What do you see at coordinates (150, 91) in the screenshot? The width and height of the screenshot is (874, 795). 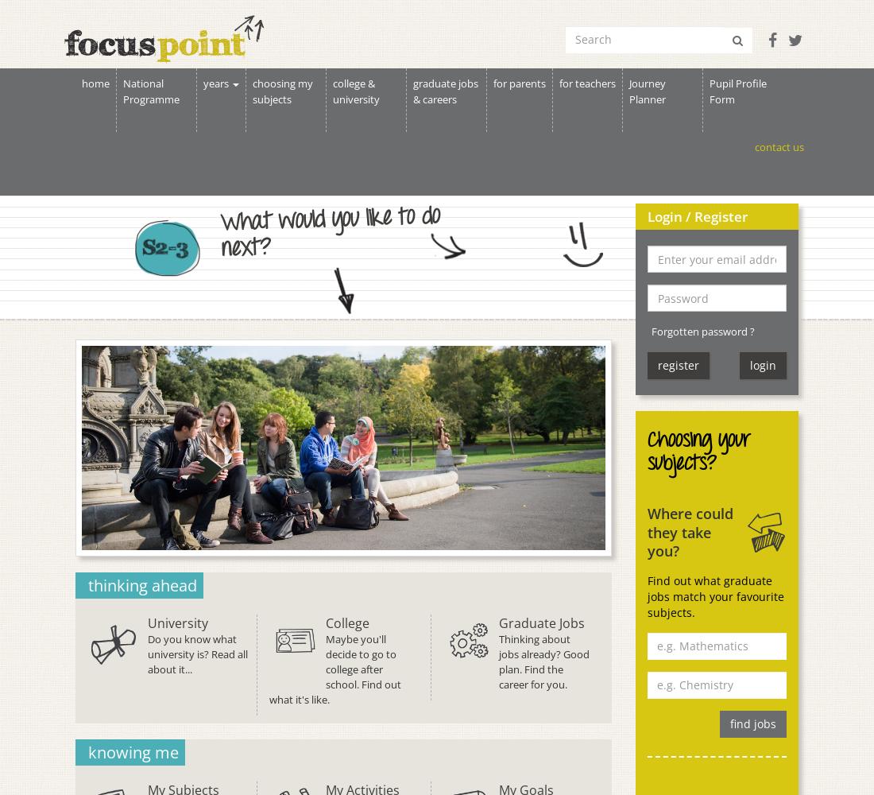 I see `'National Programme'` at bounding box center [150, 91].